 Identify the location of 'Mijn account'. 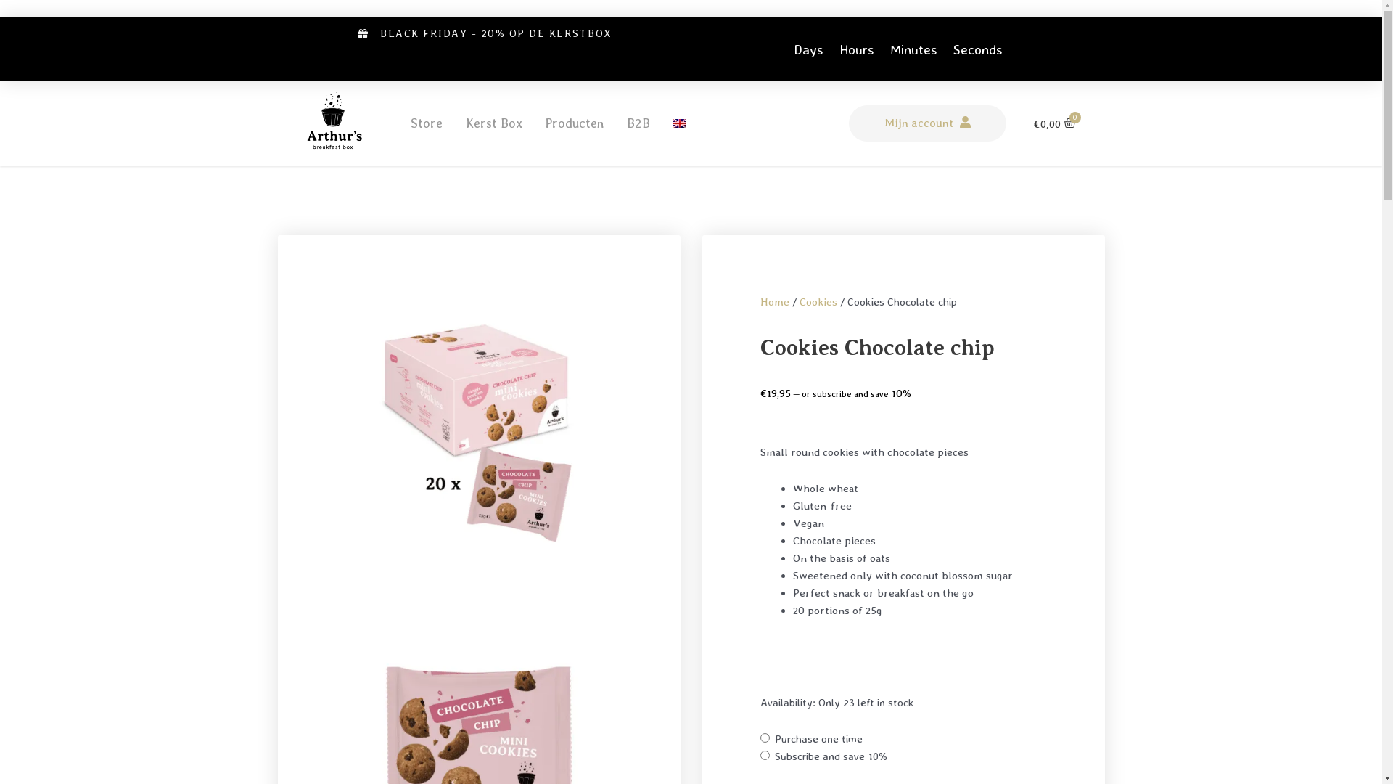
(926, 122).